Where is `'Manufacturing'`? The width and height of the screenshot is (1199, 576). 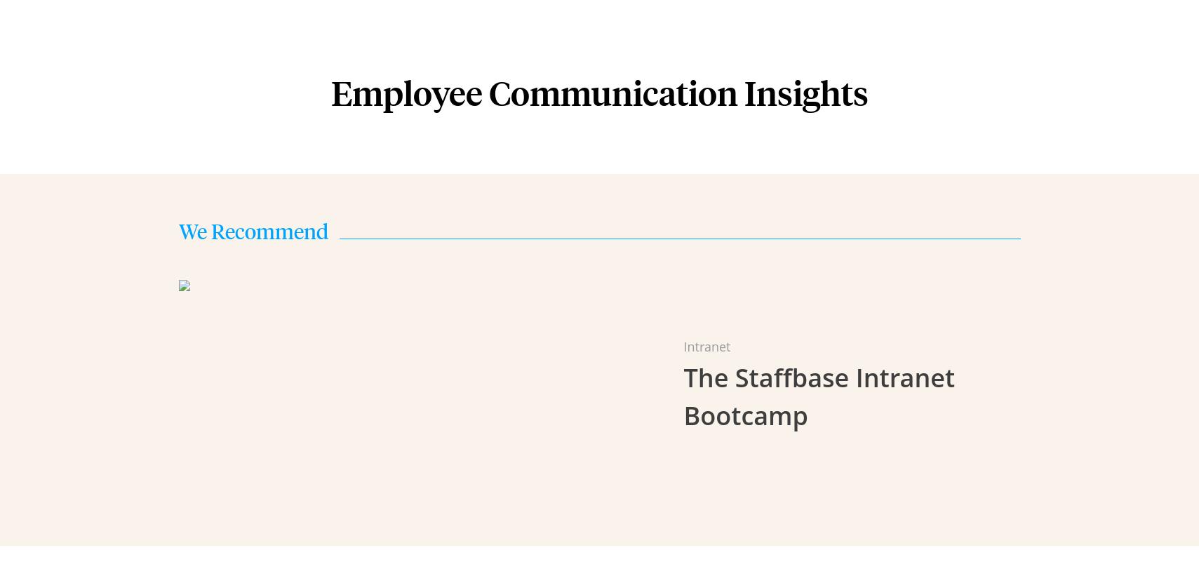
'Manufacturing' is located at coordinates (572, 93).